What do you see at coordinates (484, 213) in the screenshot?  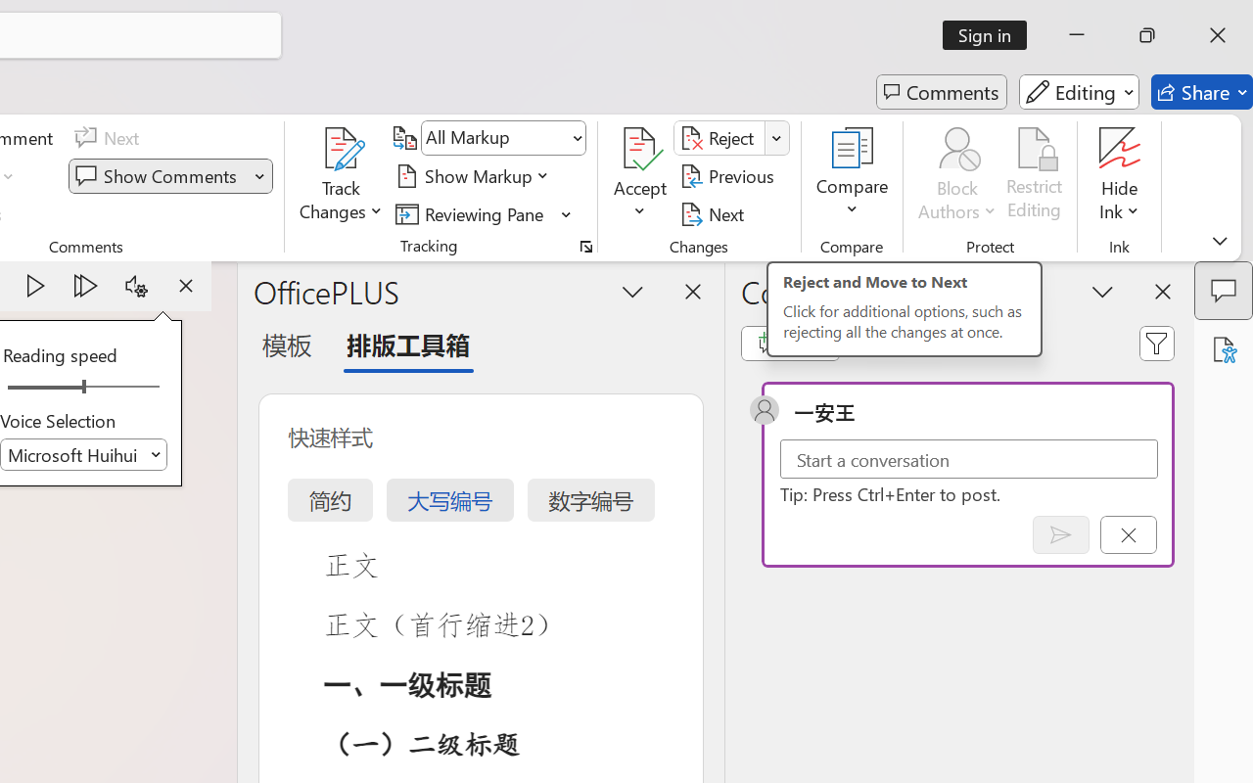 I see `'Reviewing Pane'` at bounding box center [484, 213].